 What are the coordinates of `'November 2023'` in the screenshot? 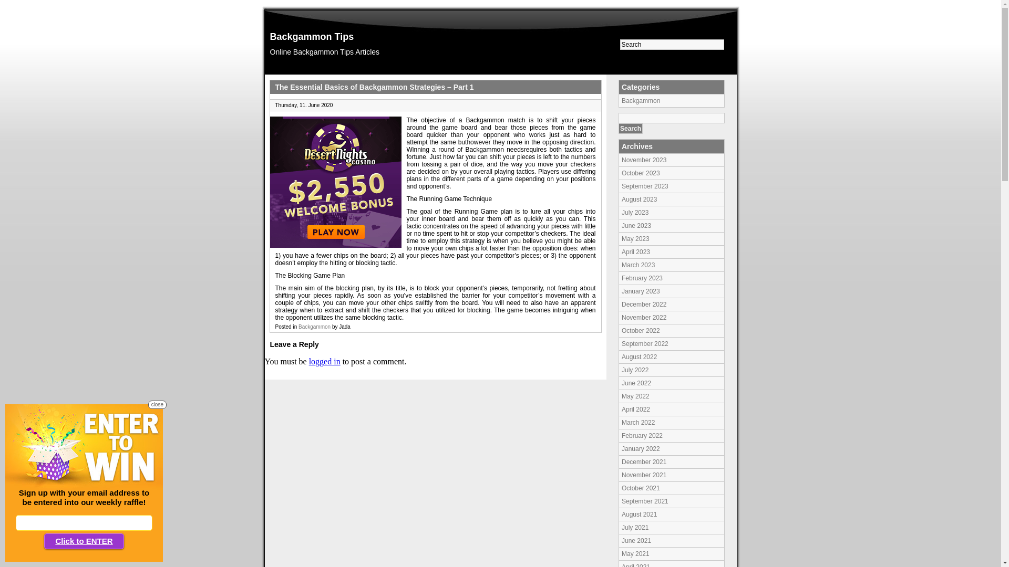 It's located at (643, 160).